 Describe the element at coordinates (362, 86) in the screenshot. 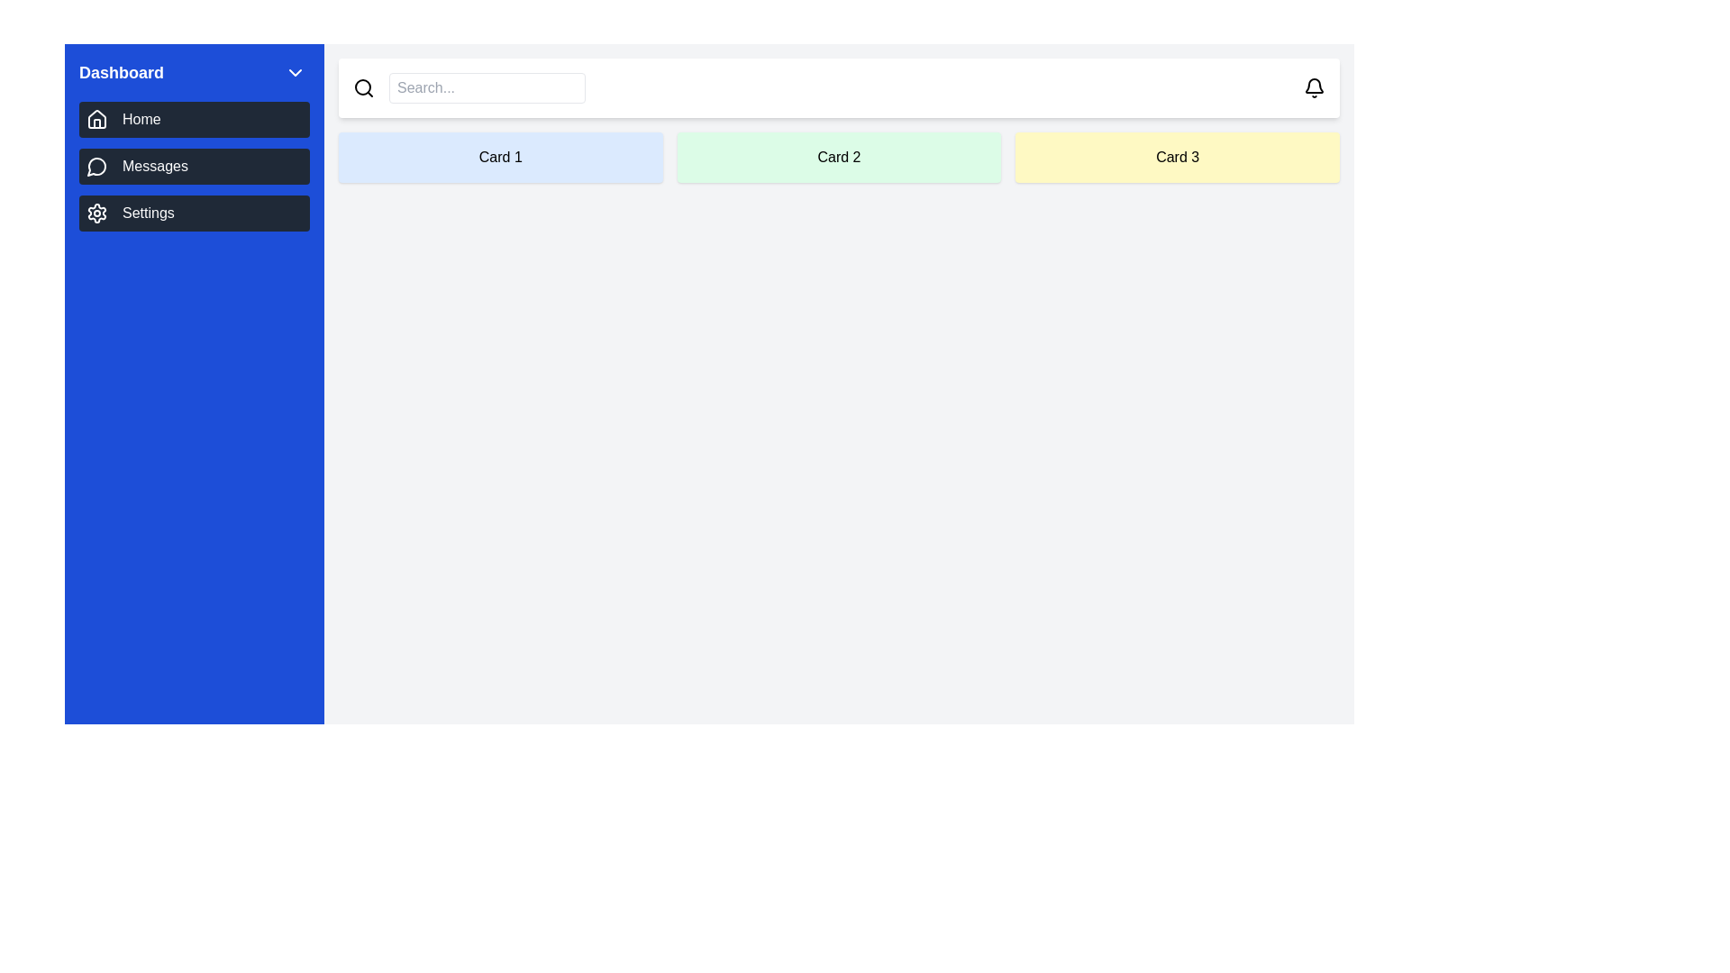

I see `the circular part of the search icon located in the top navigation bar, which represents the lens of the magnifying glass` at that location.